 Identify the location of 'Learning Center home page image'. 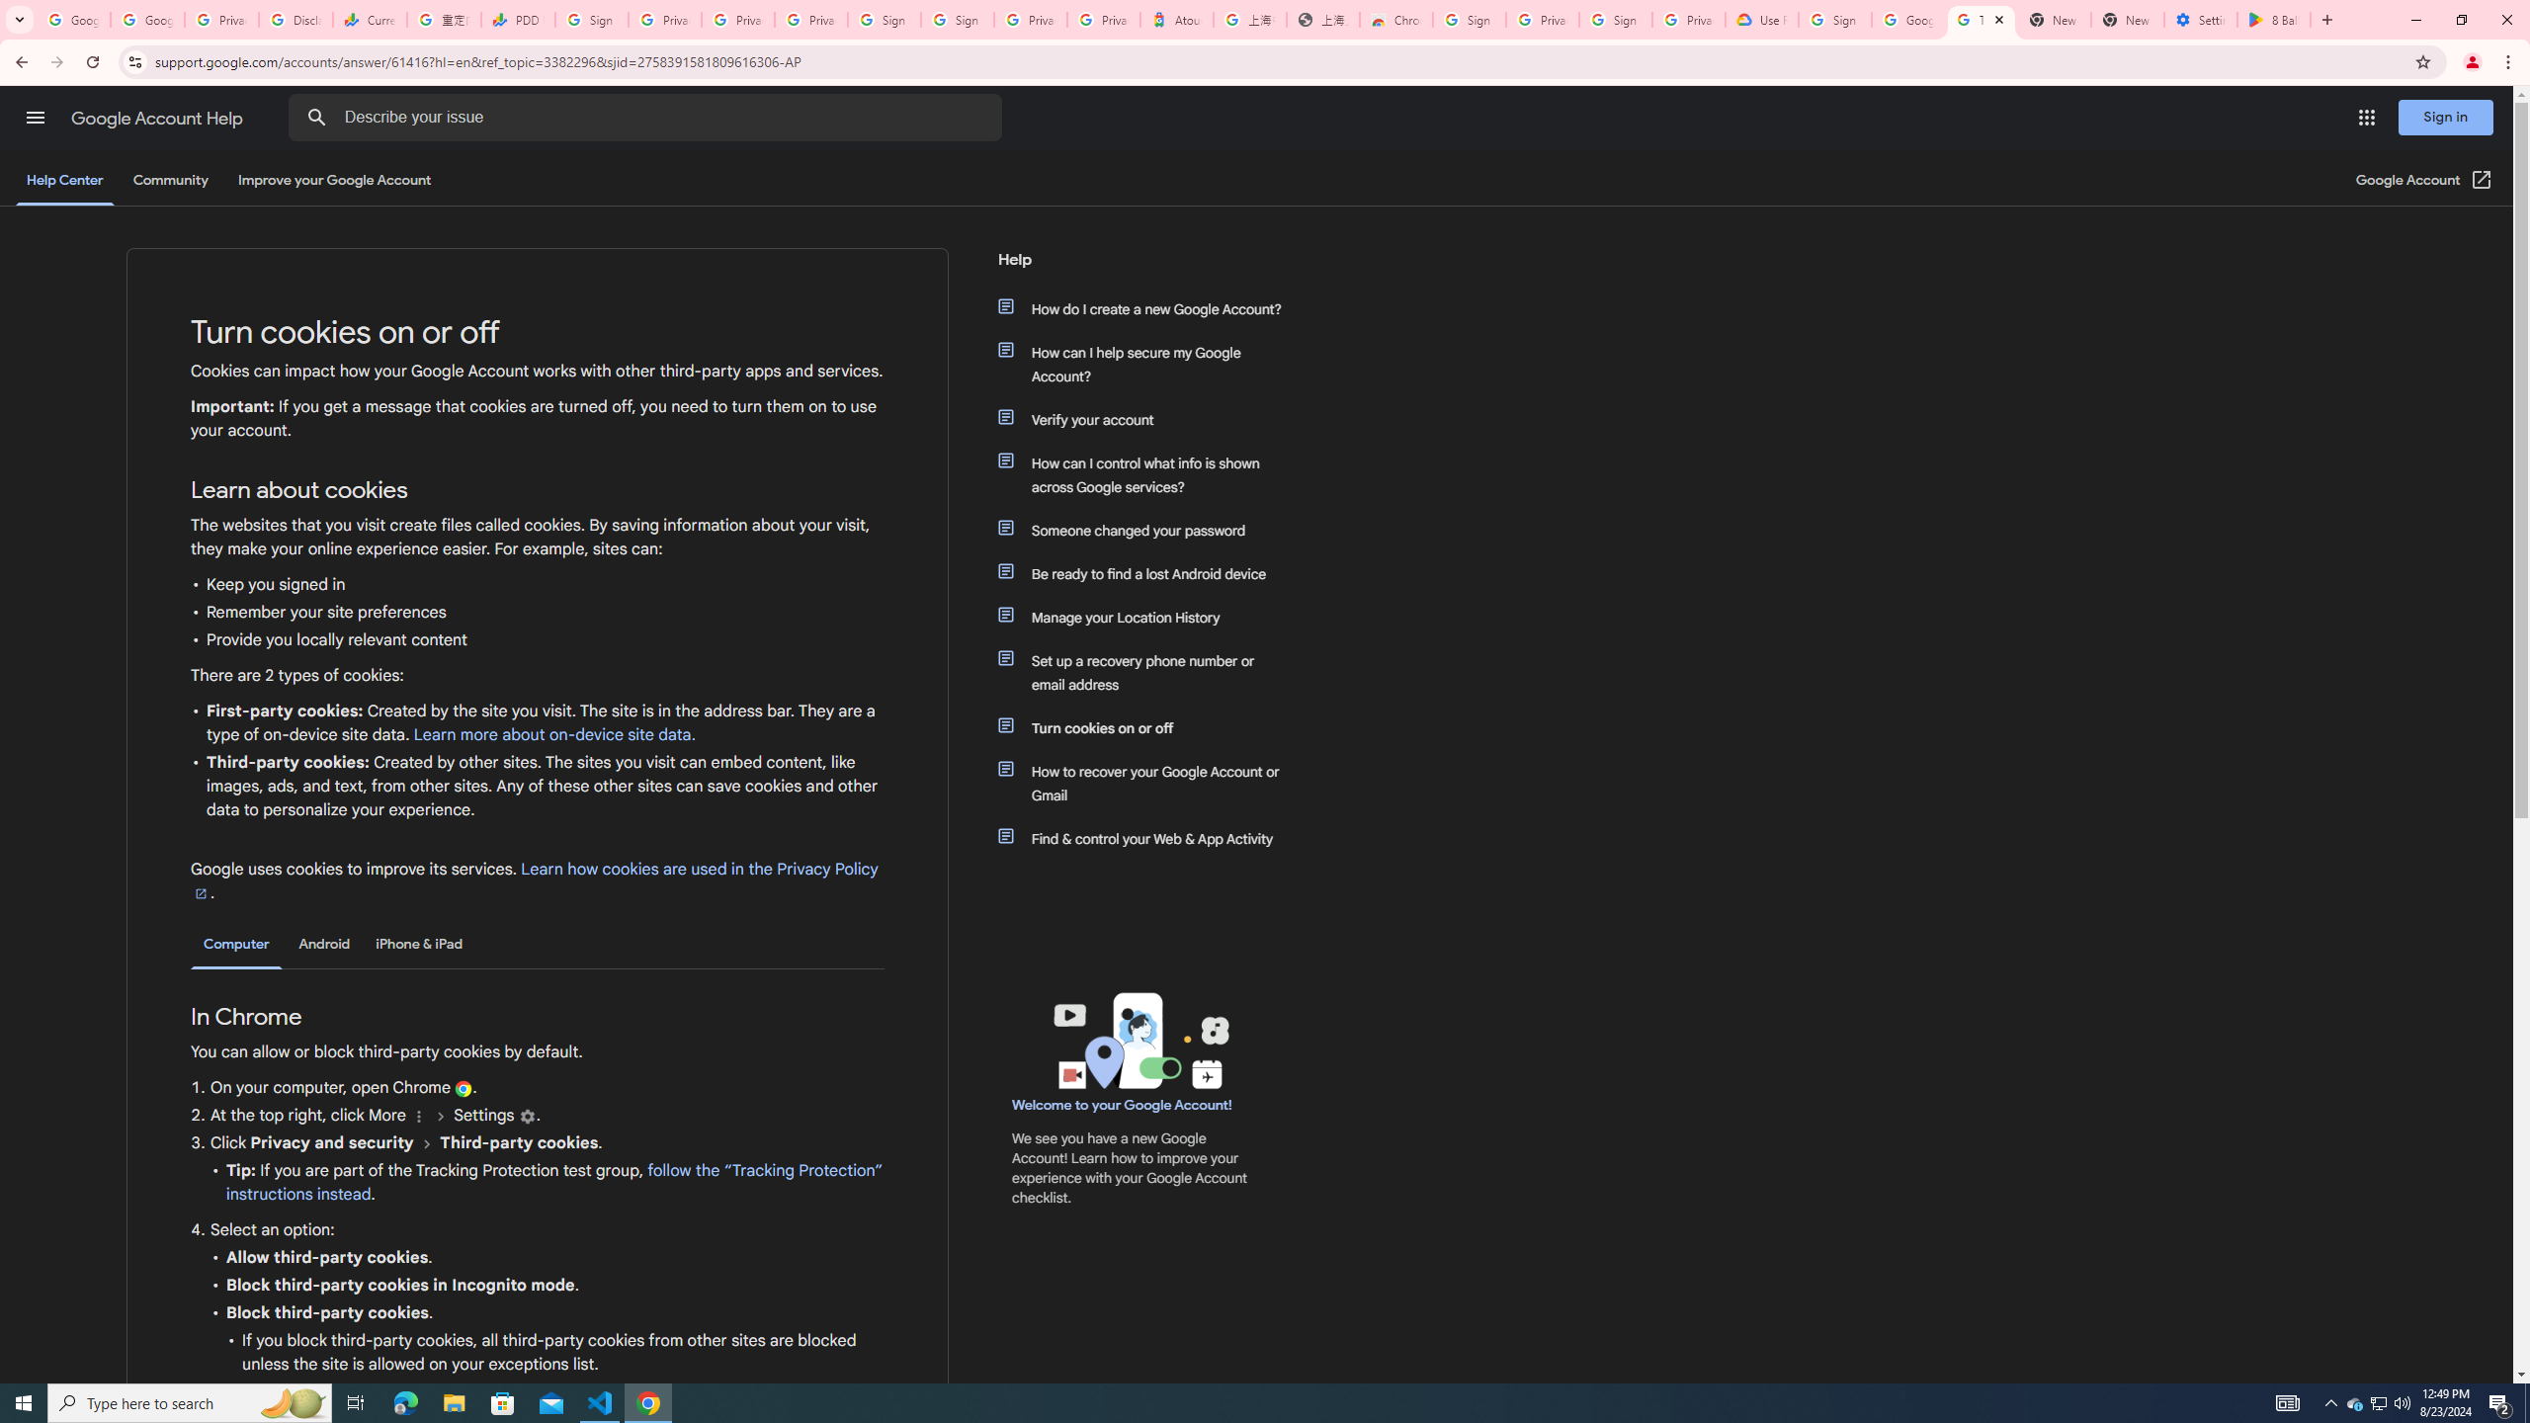
(1138, 1041).